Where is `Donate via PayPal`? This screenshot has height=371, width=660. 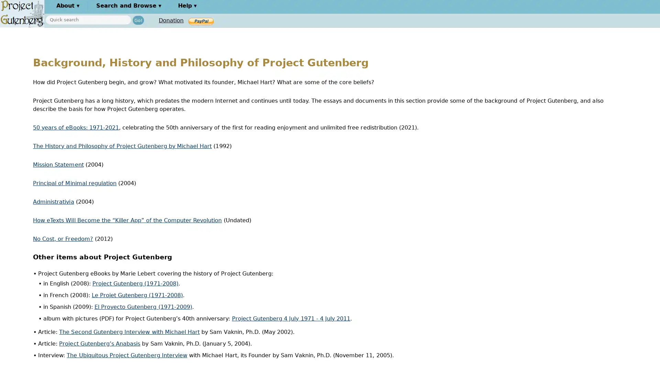 Donate via PayPal is located at coordinates (201, 21).